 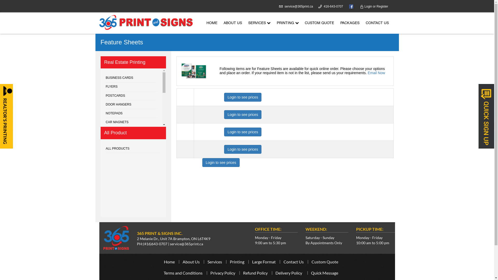 I want to click on 'LETTER HEADS', so click(x=106, y=149).